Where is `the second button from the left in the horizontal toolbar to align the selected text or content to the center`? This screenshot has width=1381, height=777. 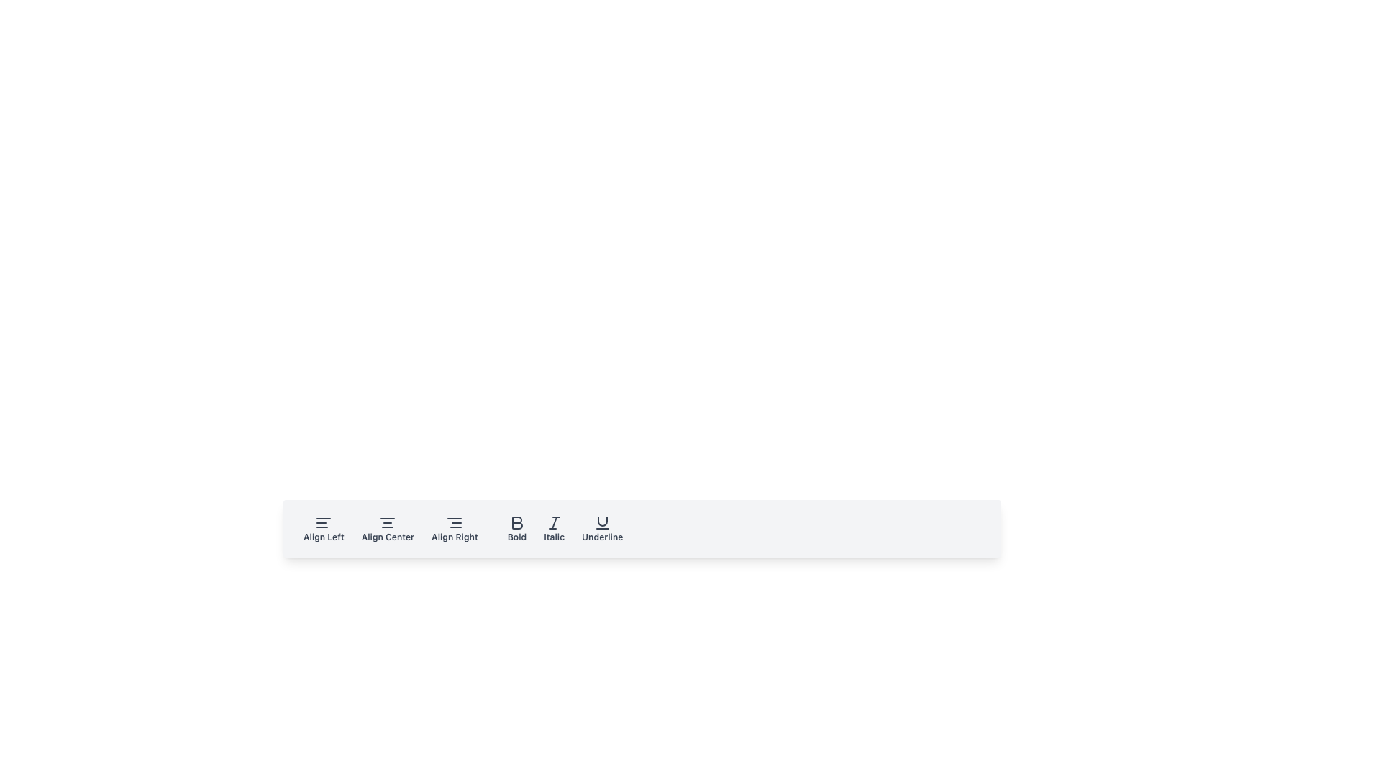
the second button from the left in the horizontal toolbar to align the selected text or content to the center is located at coordinates (388, 529).